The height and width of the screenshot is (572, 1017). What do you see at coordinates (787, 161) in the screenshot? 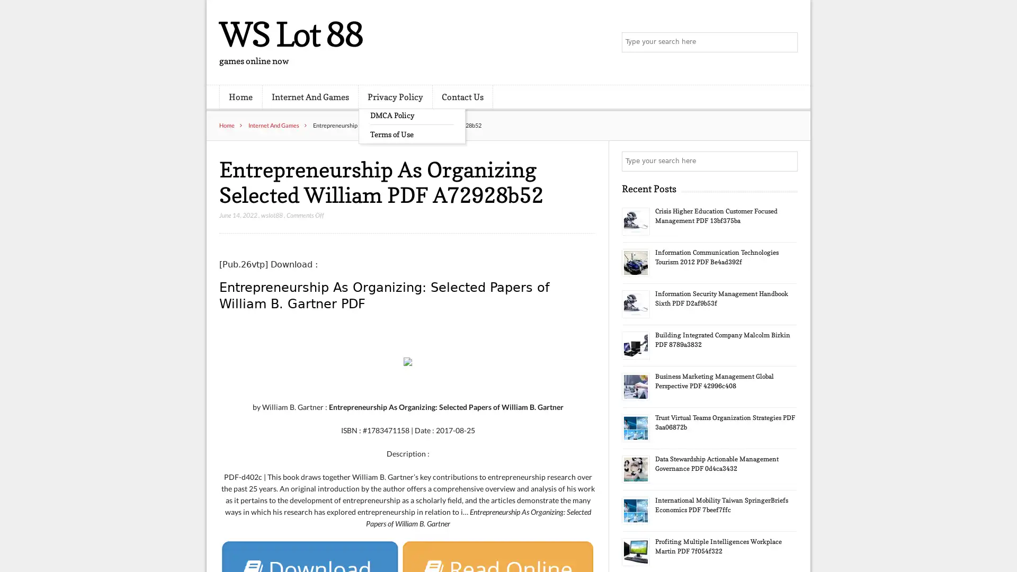
I see `Search` at bounding box center [787, 161].